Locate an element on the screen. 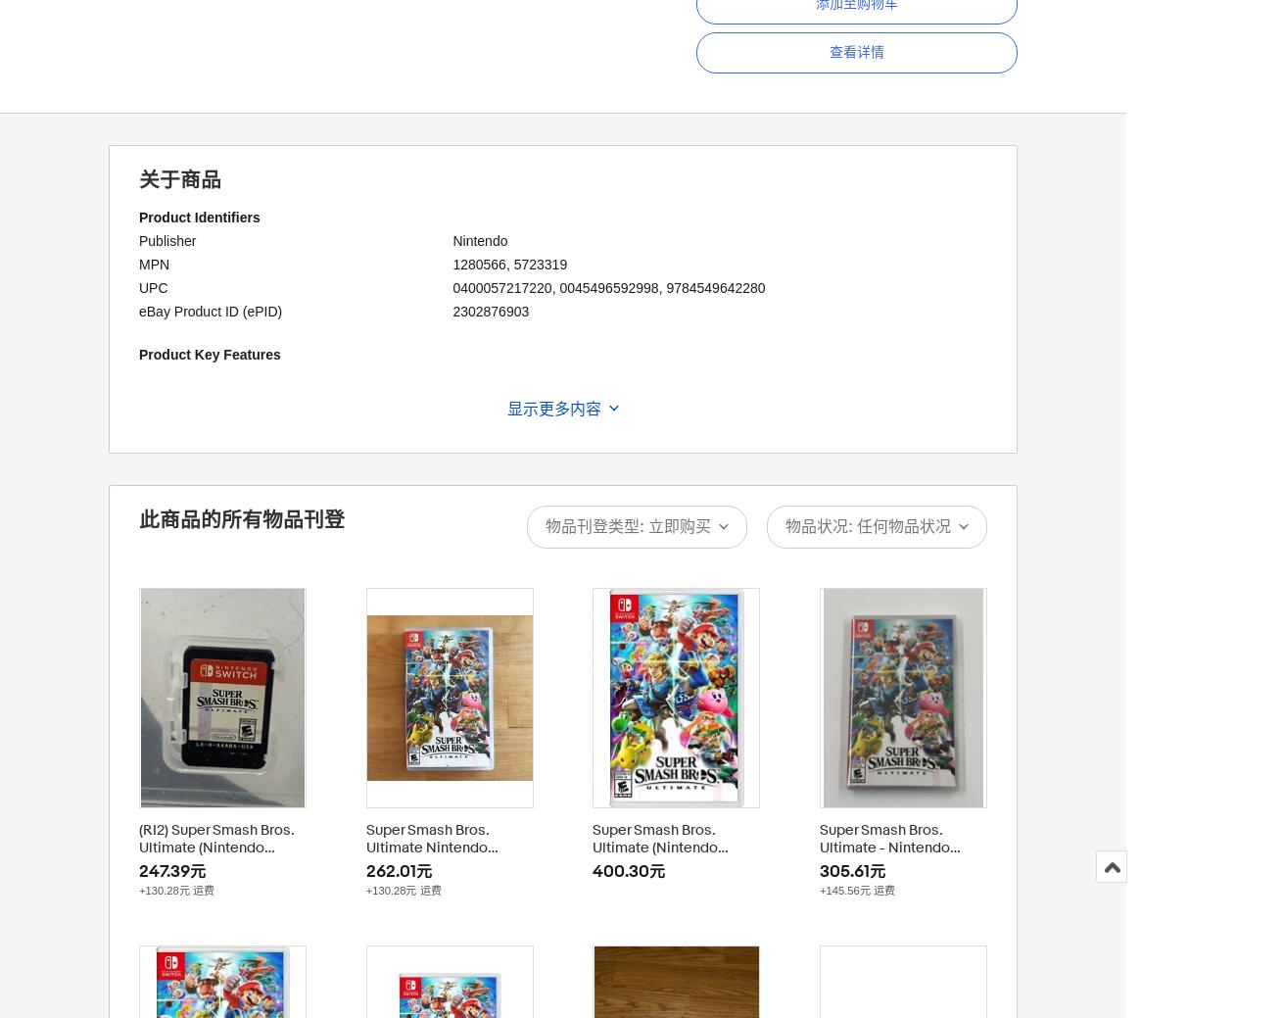 The height and width of the screenshot is (1018, 1284). 'Rating' is located at coordinates (158, 422).